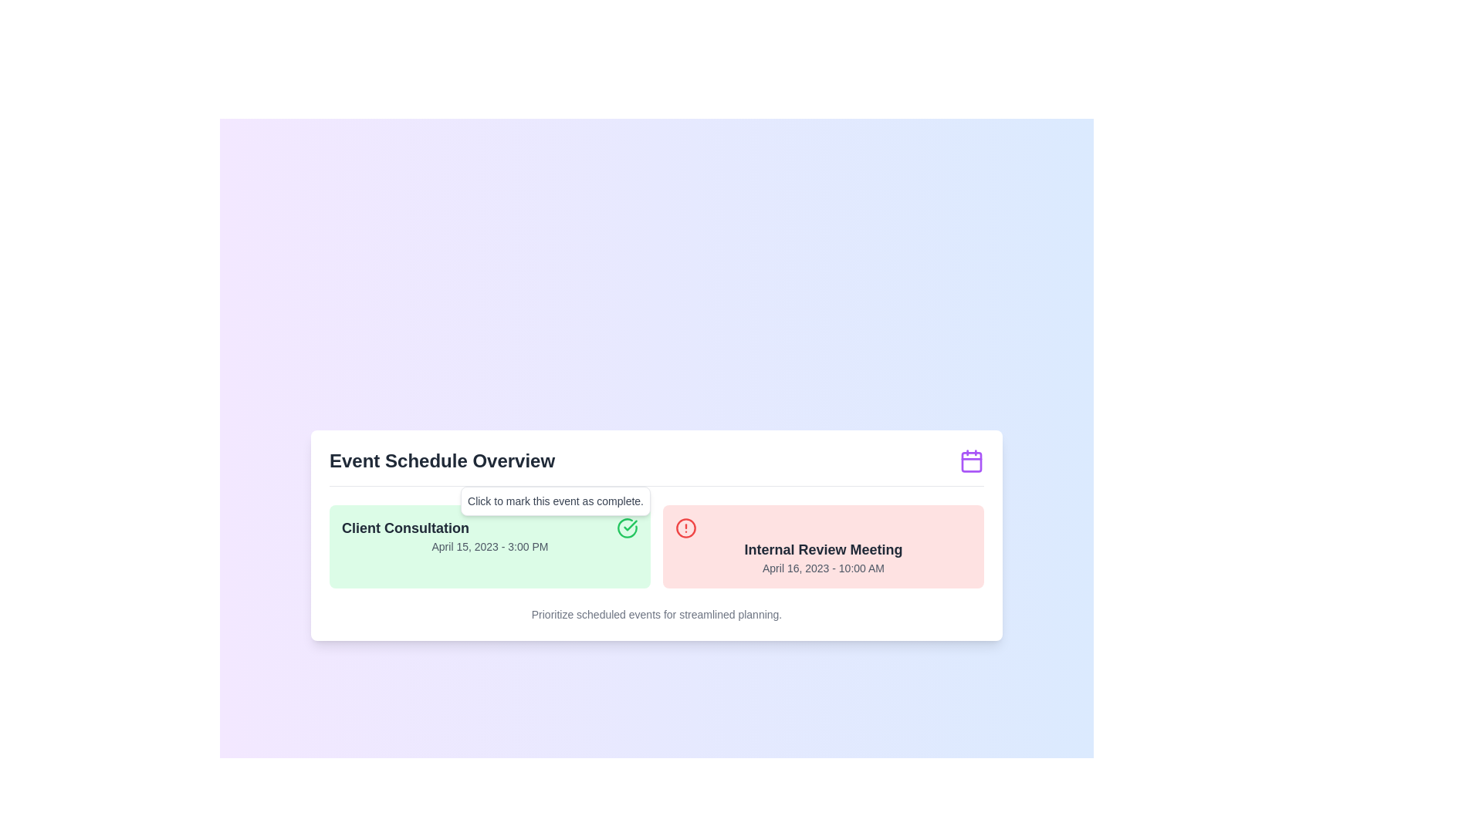 This screenshot has width=1482, height=833. What do you see at coordinates (556, 501) in the screenshot?
I see `the tooltip with the text 'Click to mark this event as complete.' located at the top-right corner of the 'Client Consultation' card` at bounding box center [556, 501].